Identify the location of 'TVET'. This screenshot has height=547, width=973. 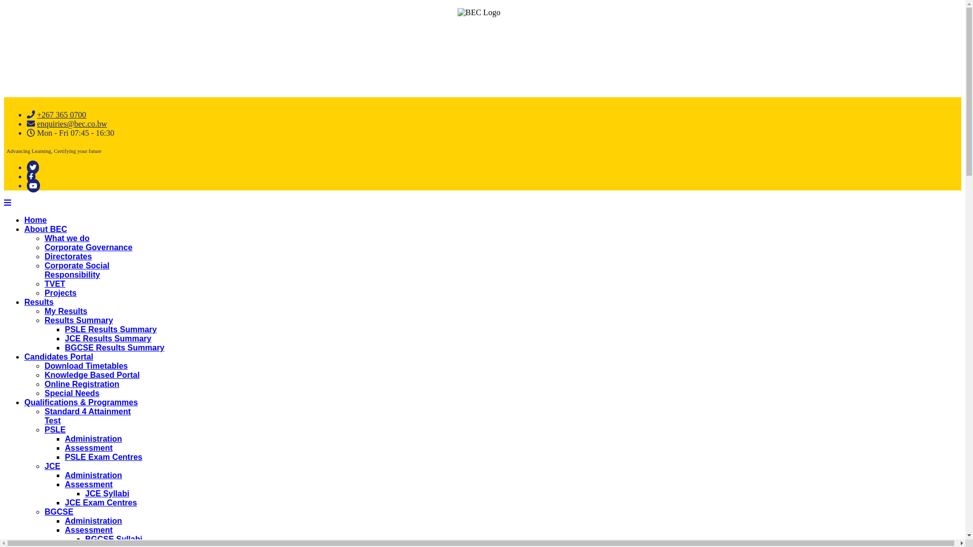
(54, 284).